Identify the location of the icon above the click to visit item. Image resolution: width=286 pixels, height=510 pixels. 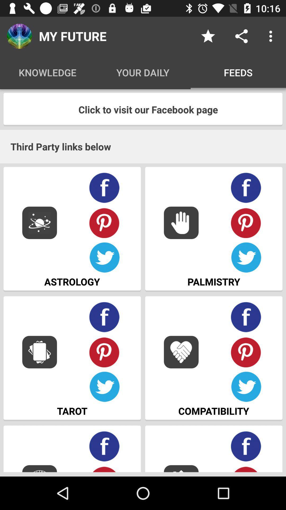
(272, 36).